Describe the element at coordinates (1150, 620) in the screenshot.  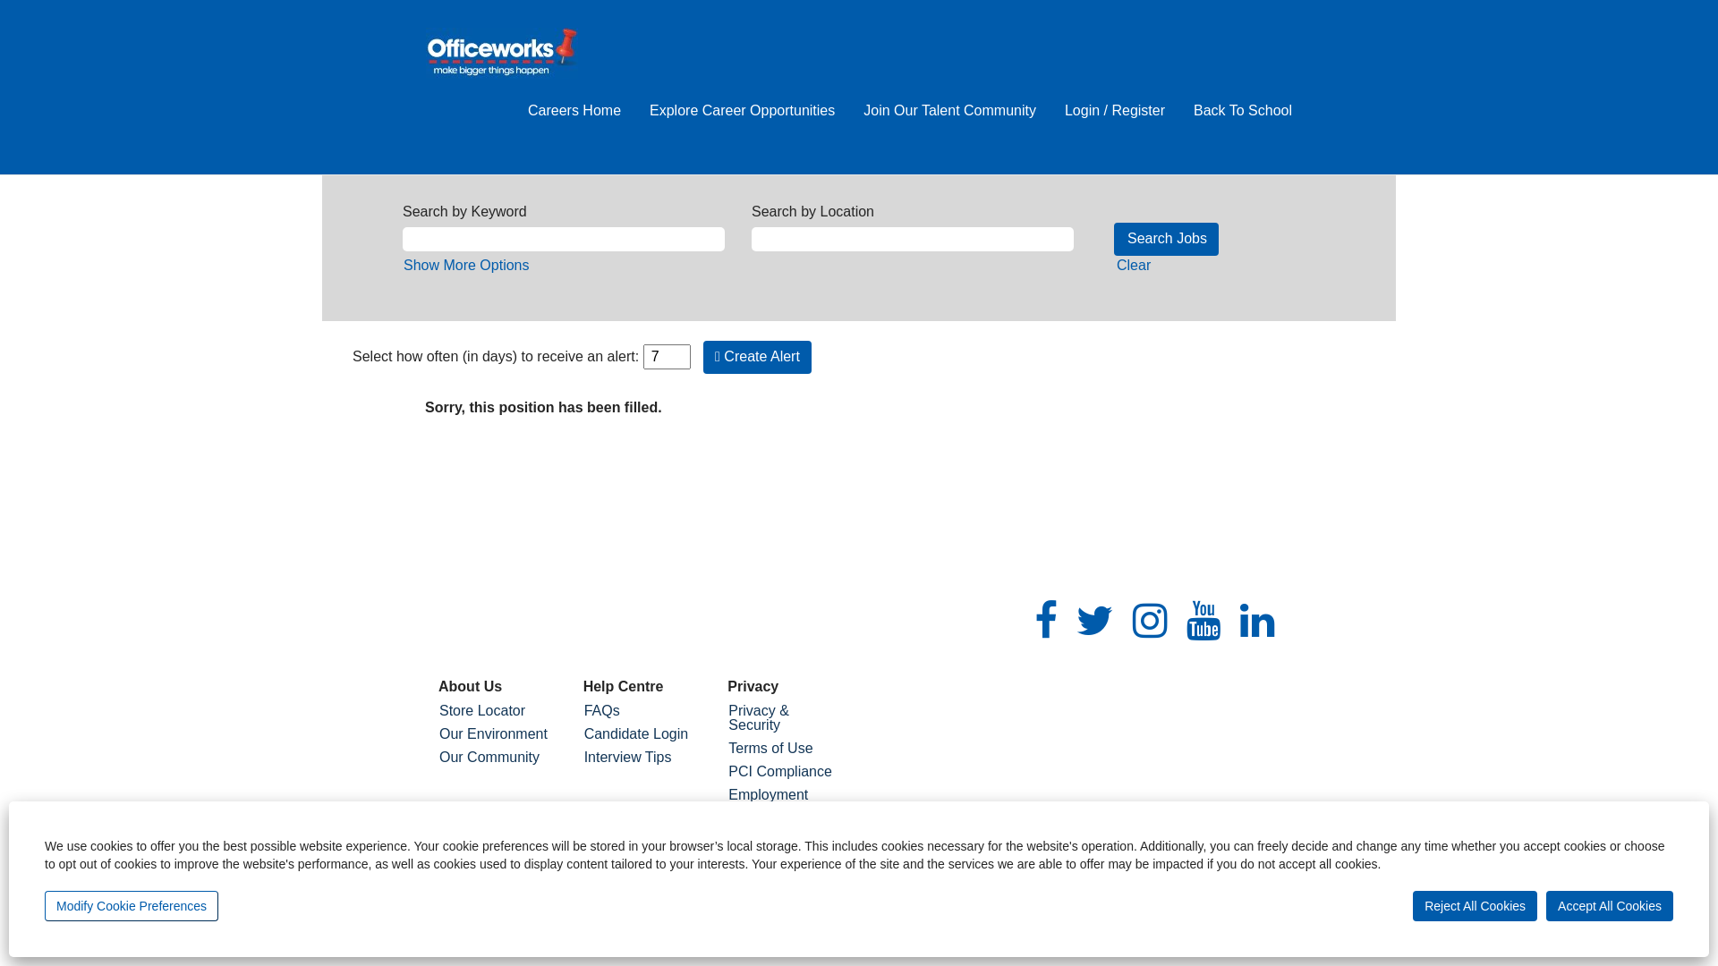
I see `'instagram'` at that location.